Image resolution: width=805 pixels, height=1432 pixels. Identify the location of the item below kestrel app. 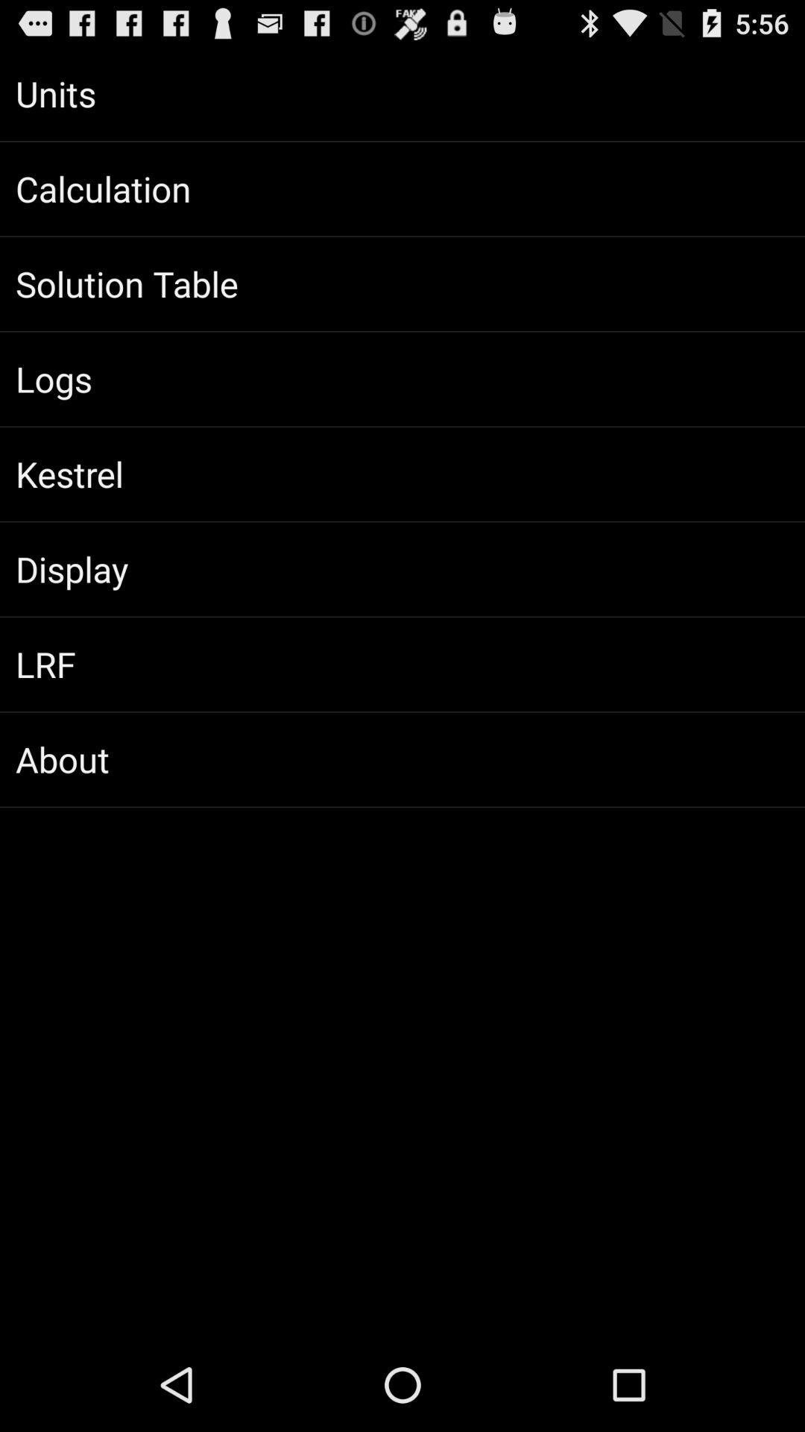
(402, 568).